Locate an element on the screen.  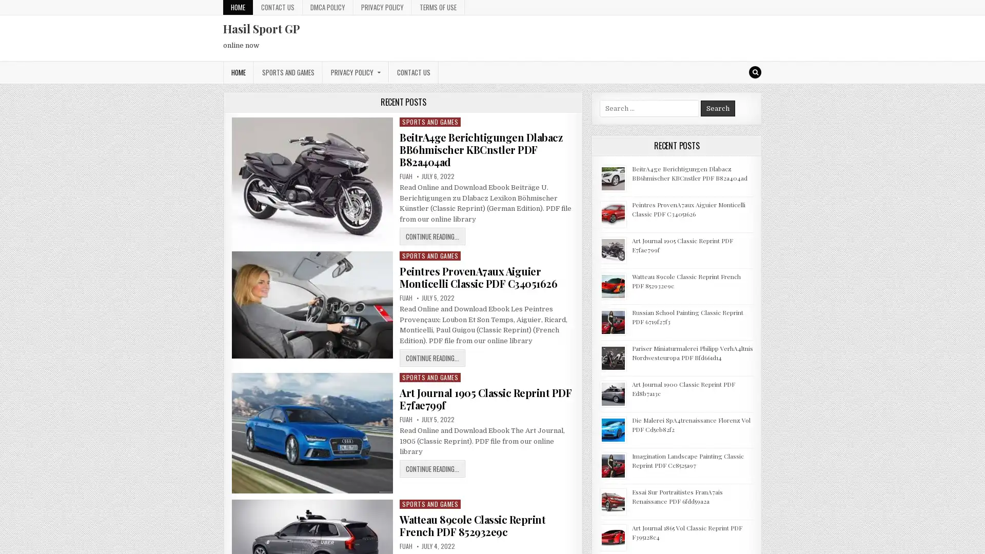
Search is located at coordinates (717, 108).